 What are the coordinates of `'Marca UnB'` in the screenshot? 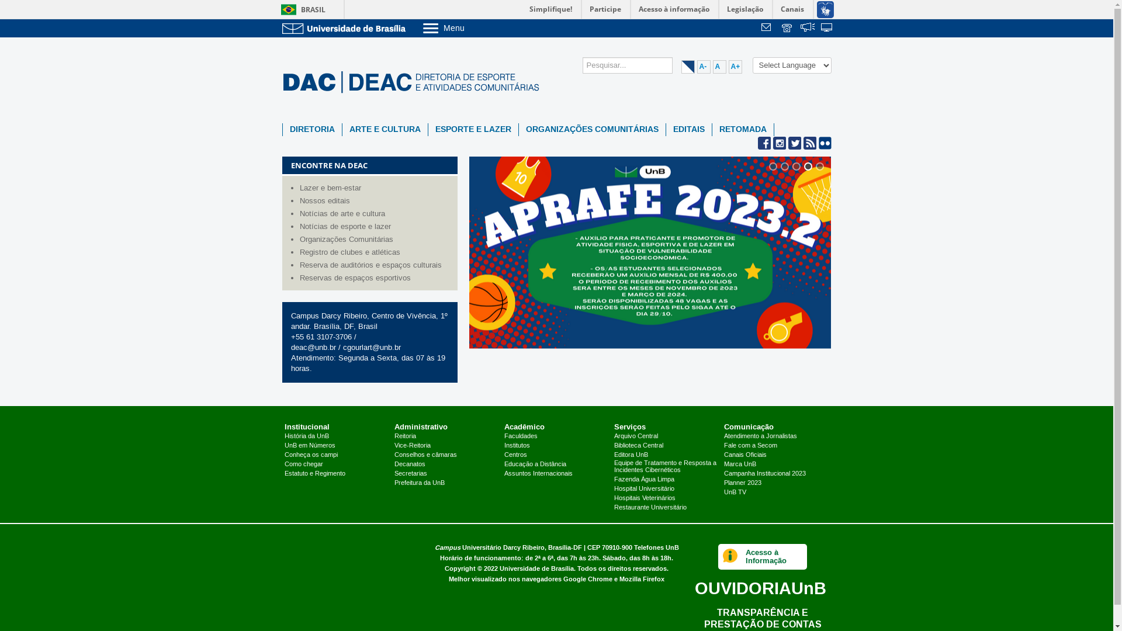 It's located at (739, 463).